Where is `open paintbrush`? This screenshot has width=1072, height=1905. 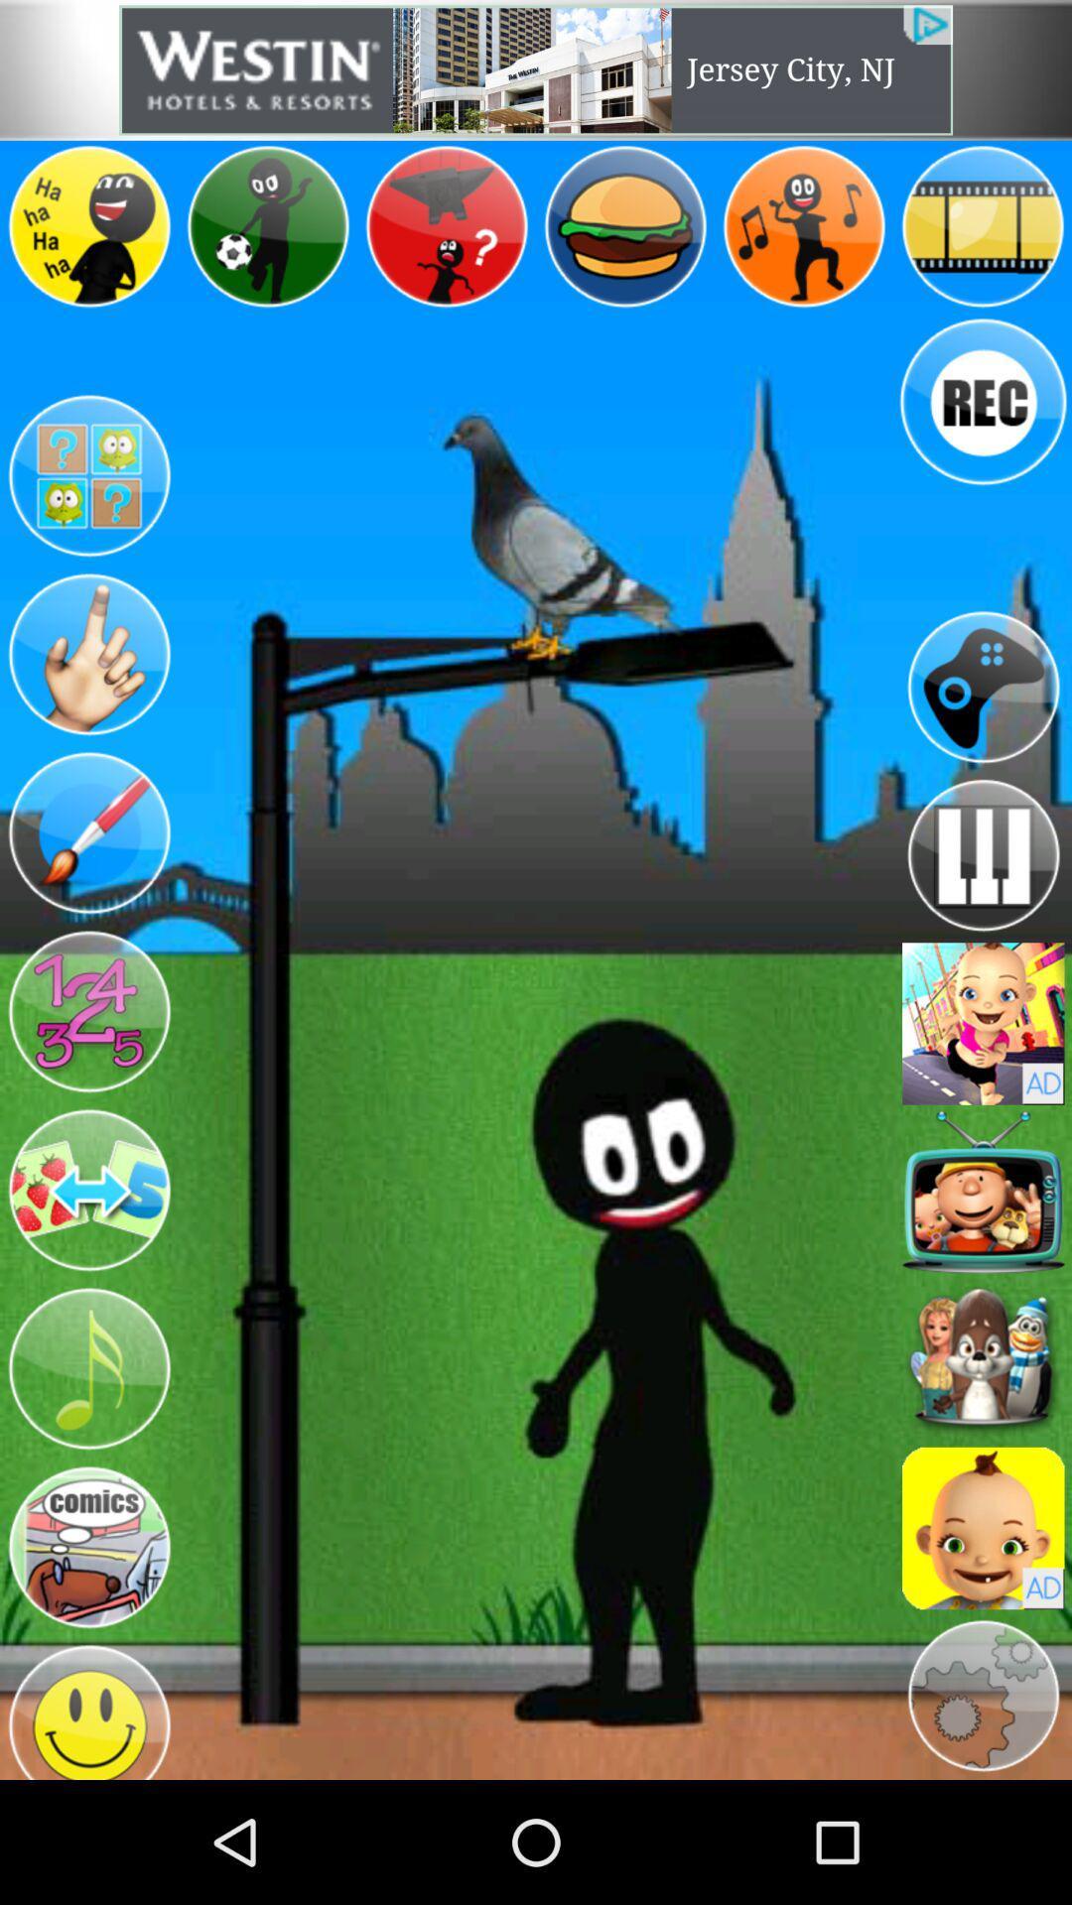
open paintbrush is located at coordinates (87, 833).